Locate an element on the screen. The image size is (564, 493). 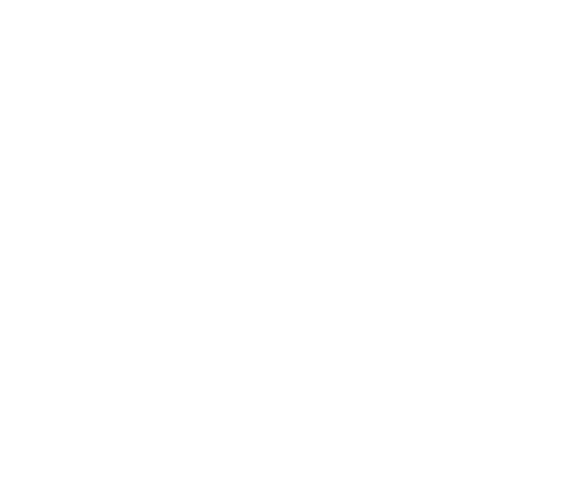
'RSS' is located at coordinates (467, 397).